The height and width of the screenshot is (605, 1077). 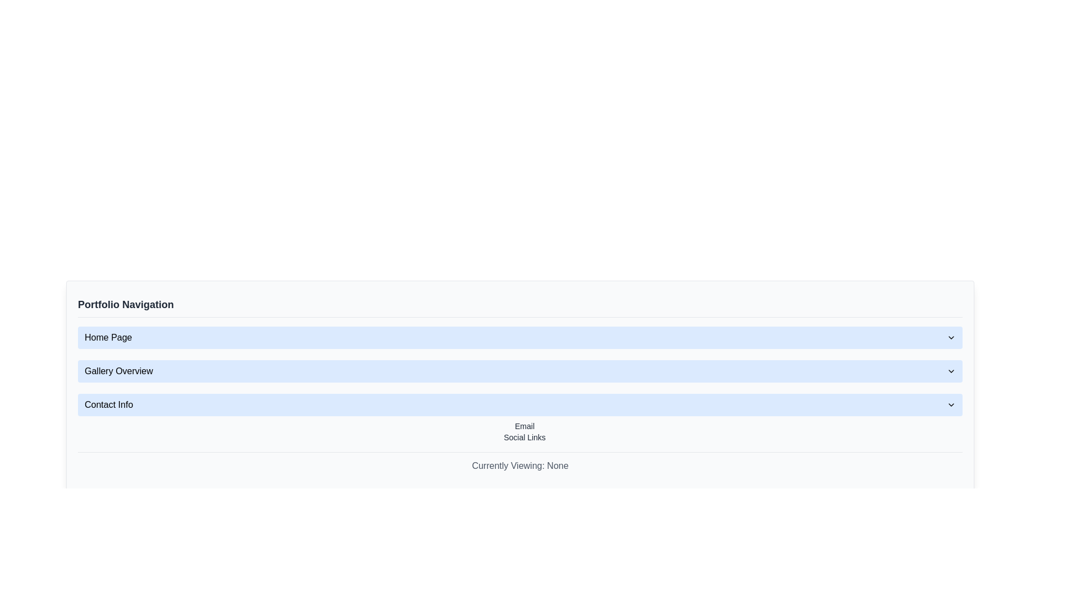 What do you see at coordinates (519, 466) in the screenshot?
I see `the Static Text Display that shows 'Currently Viewing: None', located at the bottom of the interface below 'Social Links' and 'Email'` at bounding box center [519, 466].